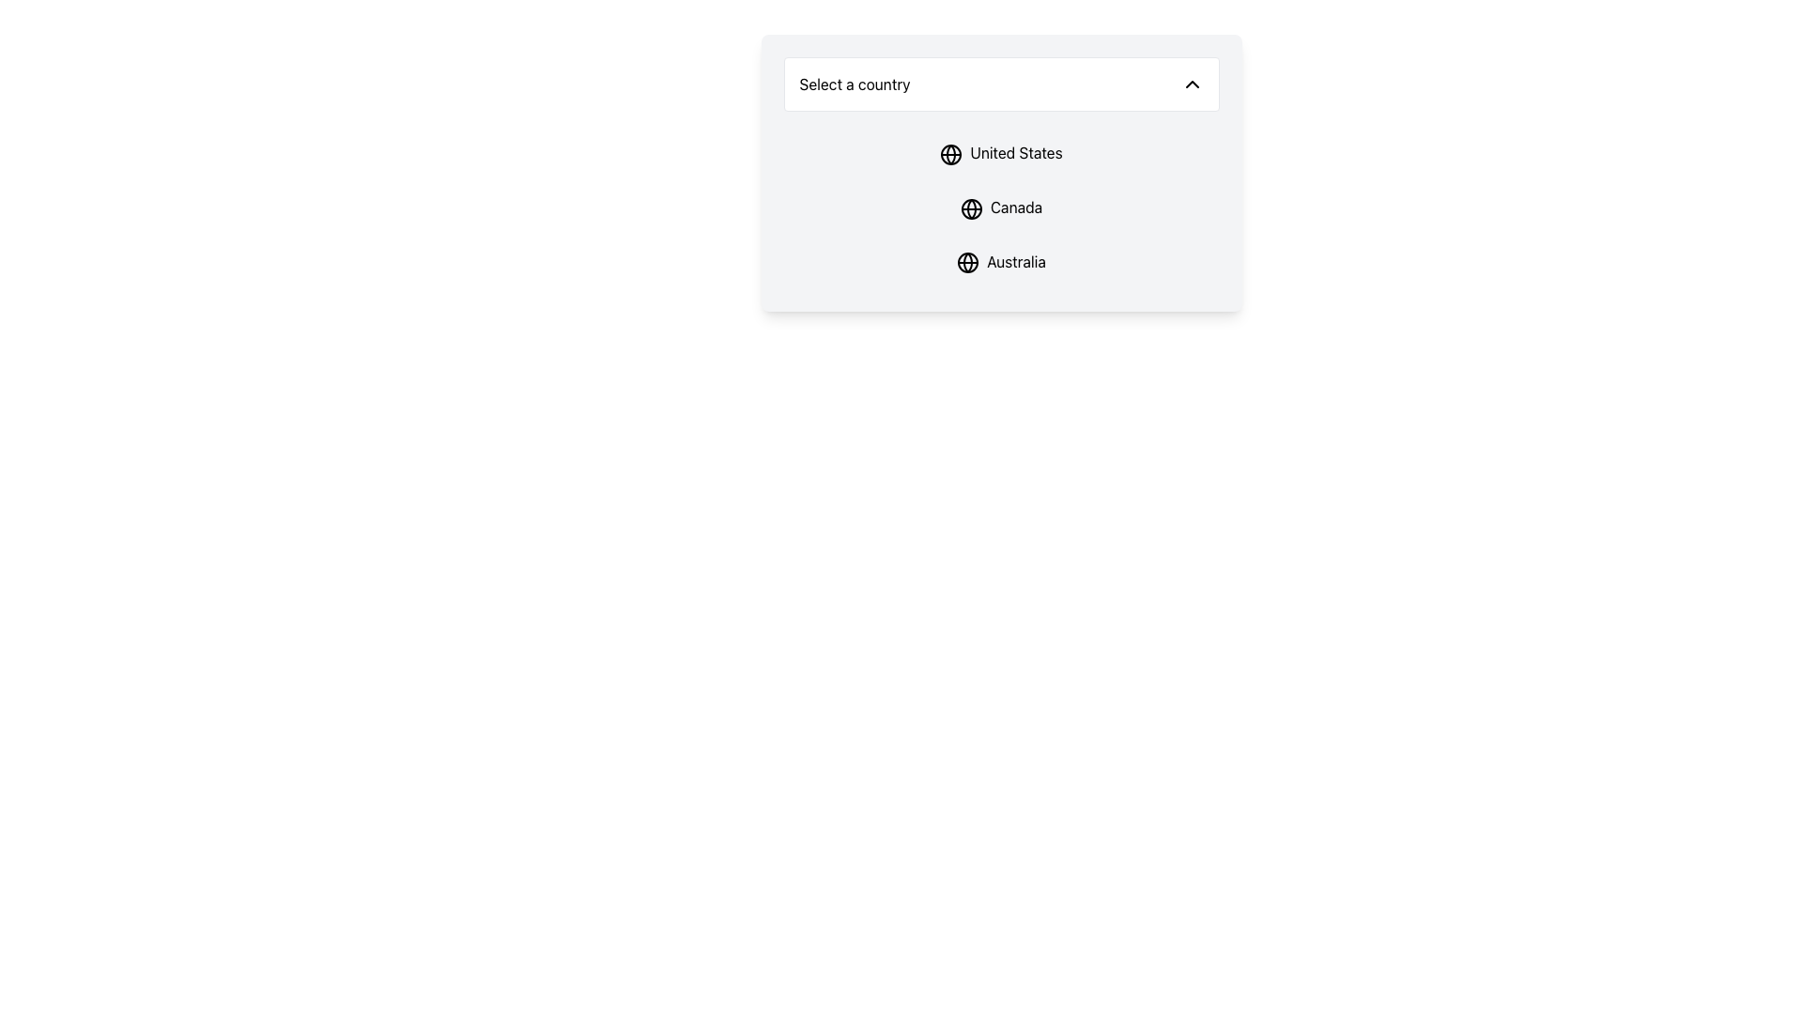 This screenshot has height=1014, width=1803. What do you see at coordinates (951, 153) in the screenshot?
I see `the globe icon that is part of the dropdown menu, which appears before the text 'United States'` at bounding box center [951, 153].